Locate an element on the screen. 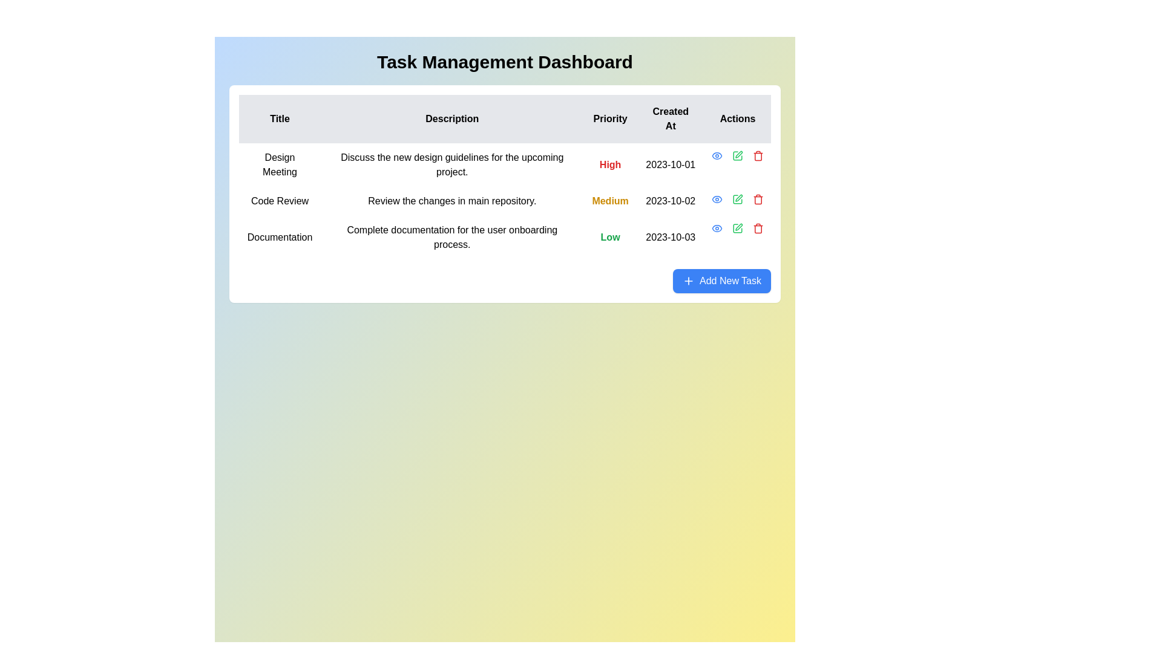  the 'Edit' button in the second position of the 'Actions' column in the third row of the task management dashboard to modify the task details is located at coordinates (737, 155).